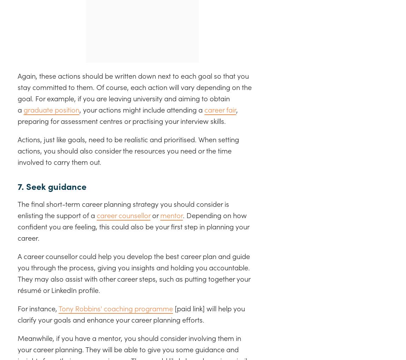  What do you see at coordinates (53, 185) in the screenshot?
I see `'7. Seek guidance'` at bounding box center [53, 185].